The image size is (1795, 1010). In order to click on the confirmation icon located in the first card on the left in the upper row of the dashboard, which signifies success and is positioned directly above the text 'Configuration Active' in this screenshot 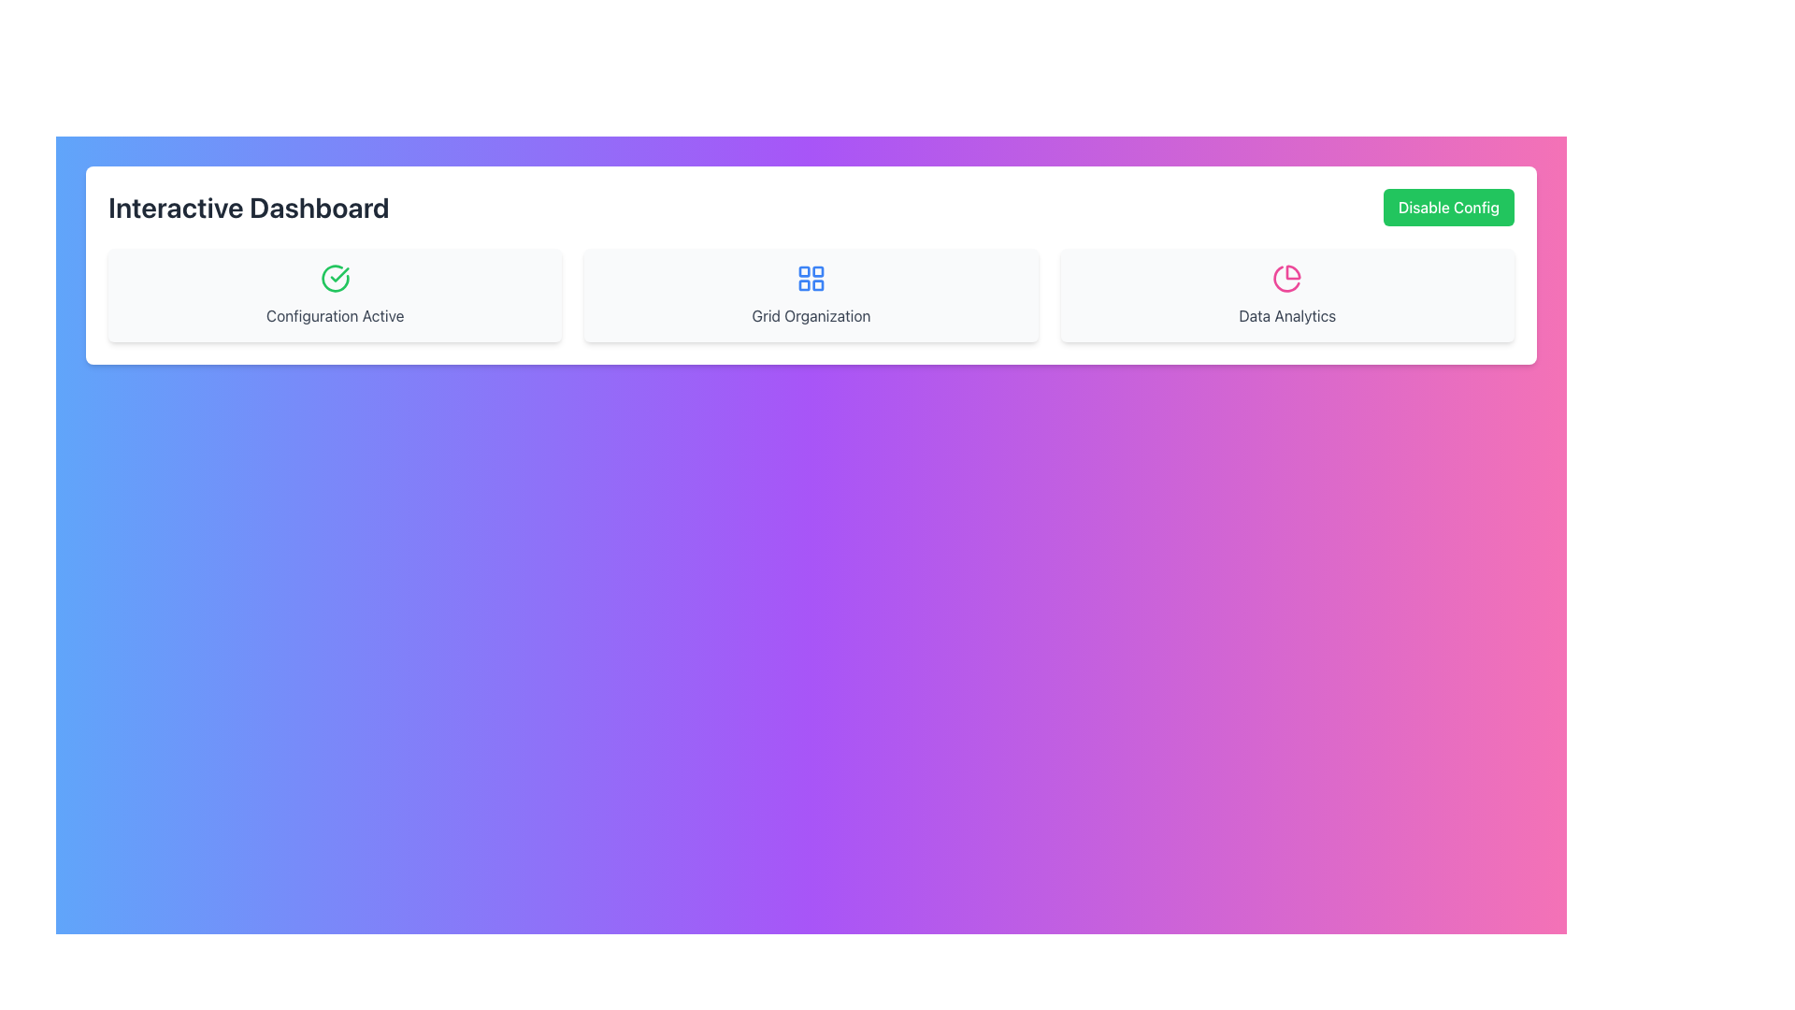, I will do `click(339, 274)`.